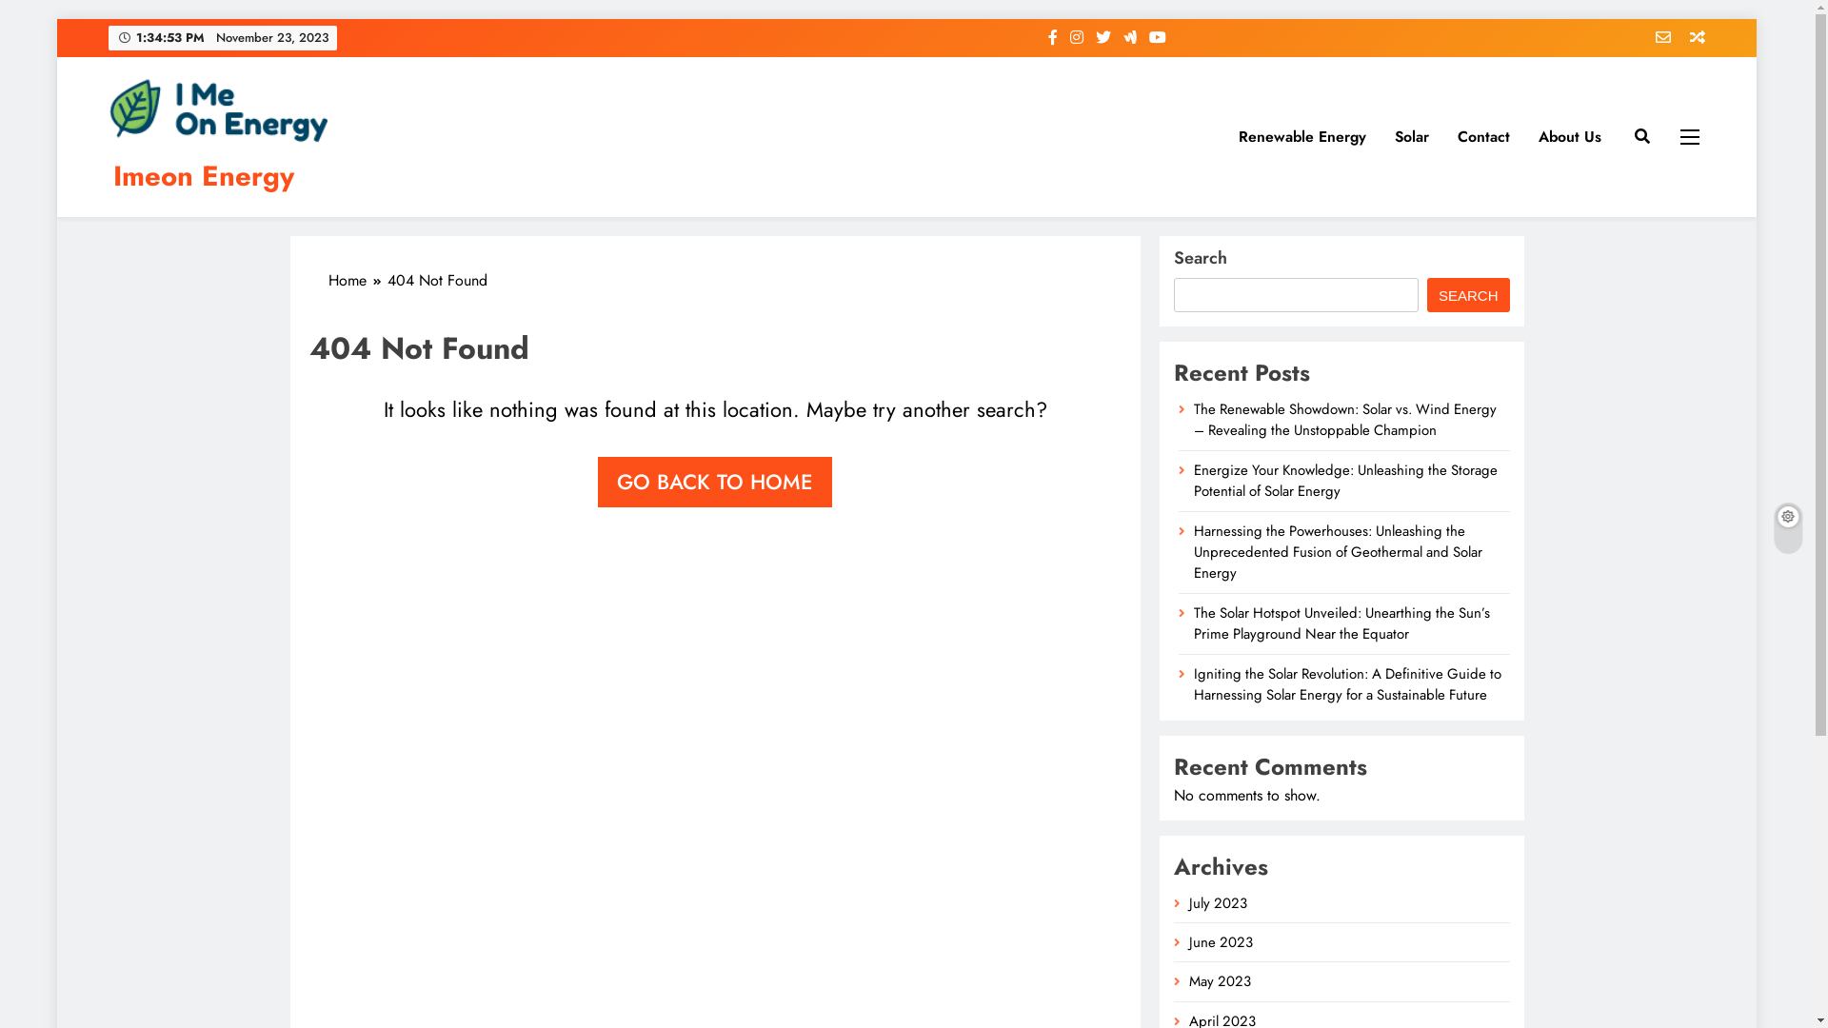 The image size is (1828, 1028). What do you see at coordinates (1380, 135) in the screenshot?
I see `'Solar'` at bounding box center [1380, 135].